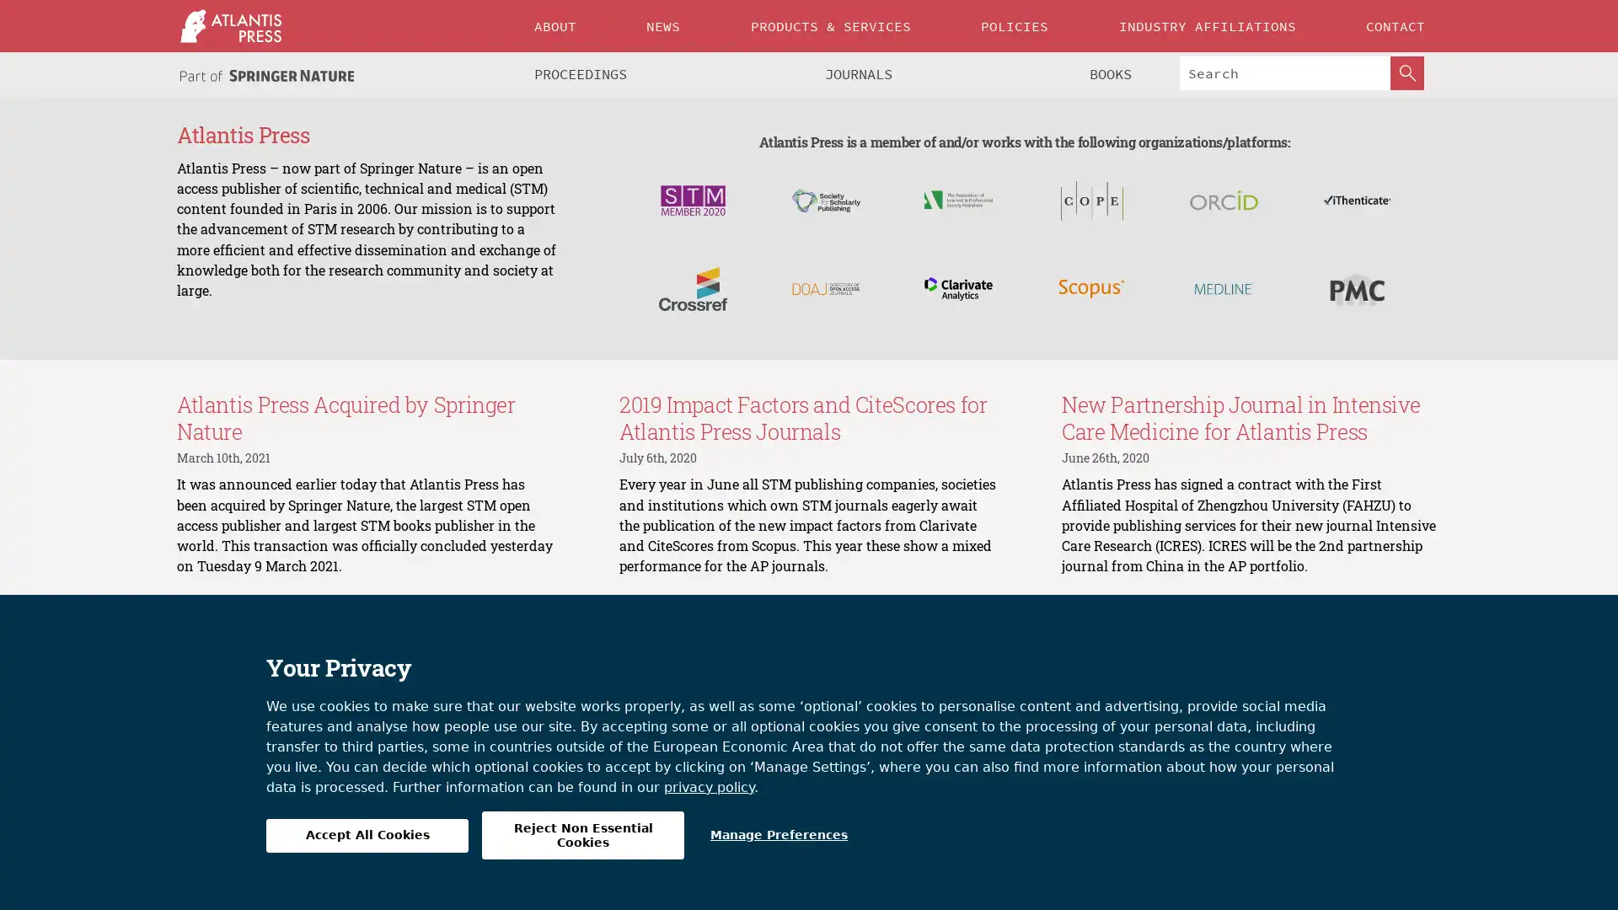 The image size is (1618, 910). What do you see at coordinates (367, 835) in the screenshot?
I see `Accept All Cookies` at bounding box center [367, 835].